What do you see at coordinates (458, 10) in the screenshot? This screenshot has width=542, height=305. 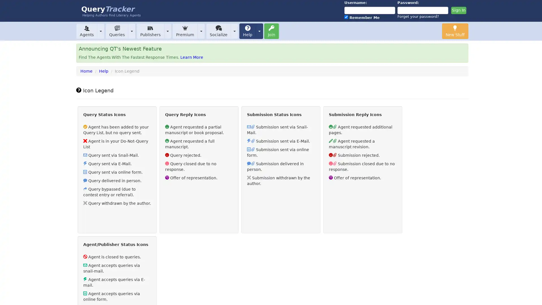 I see `Sign In` at bounding box center [458, 10].